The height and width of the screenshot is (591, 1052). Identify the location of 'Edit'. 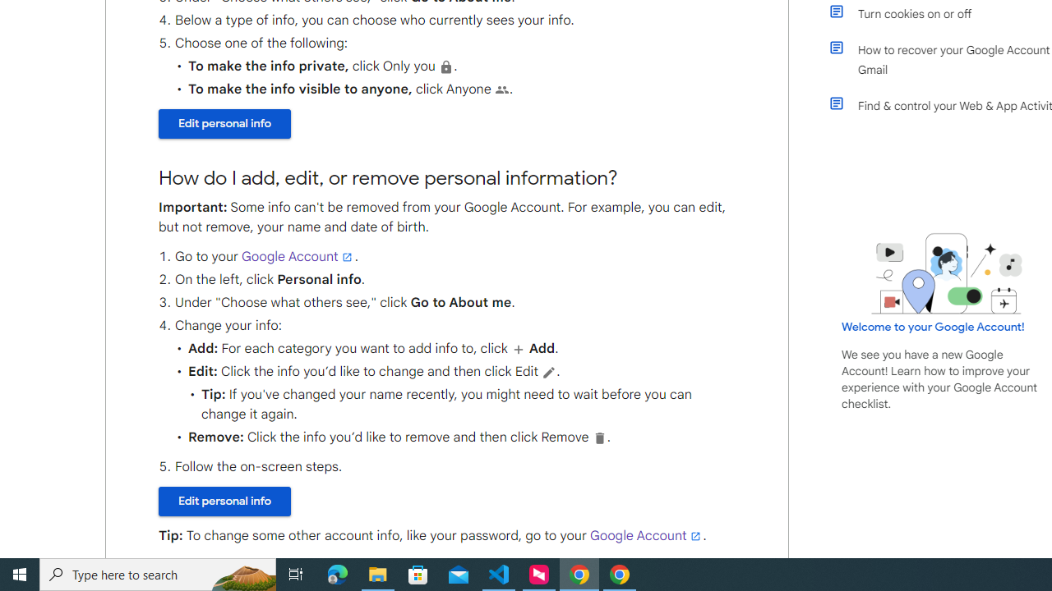
(549, 372).